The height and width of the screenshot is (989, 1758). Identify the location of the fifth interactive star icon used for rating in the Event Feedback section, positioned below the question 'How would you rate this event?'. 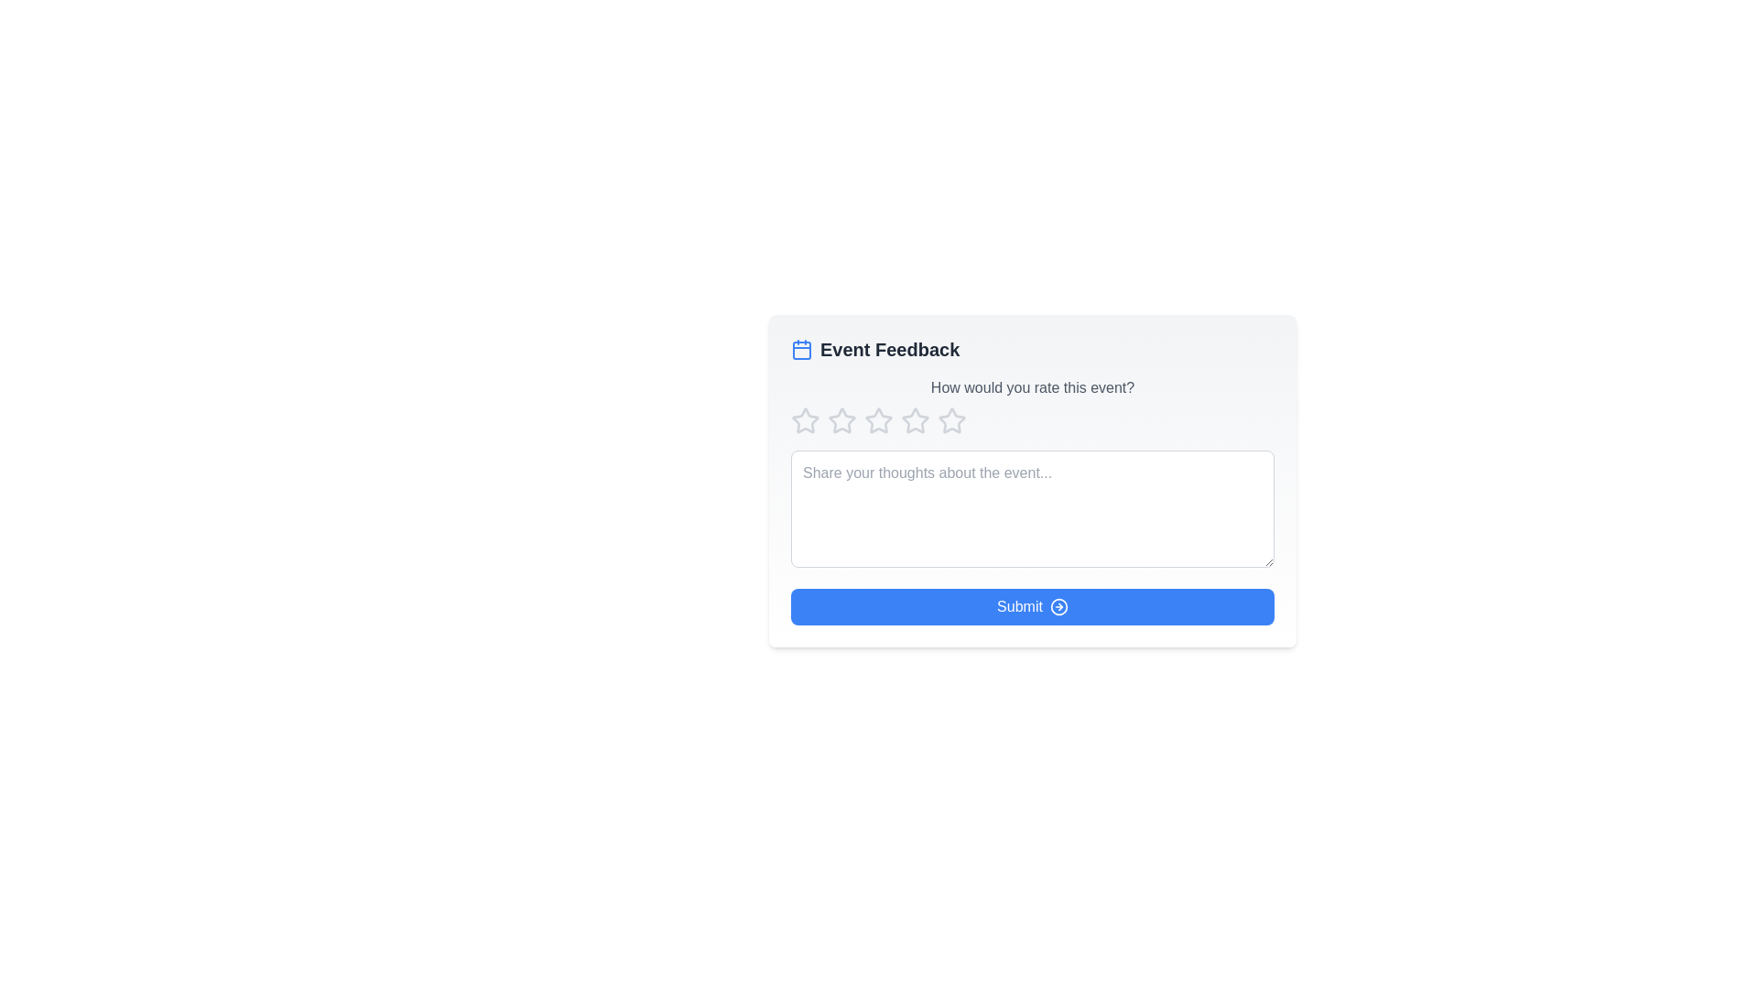
(952, 420).